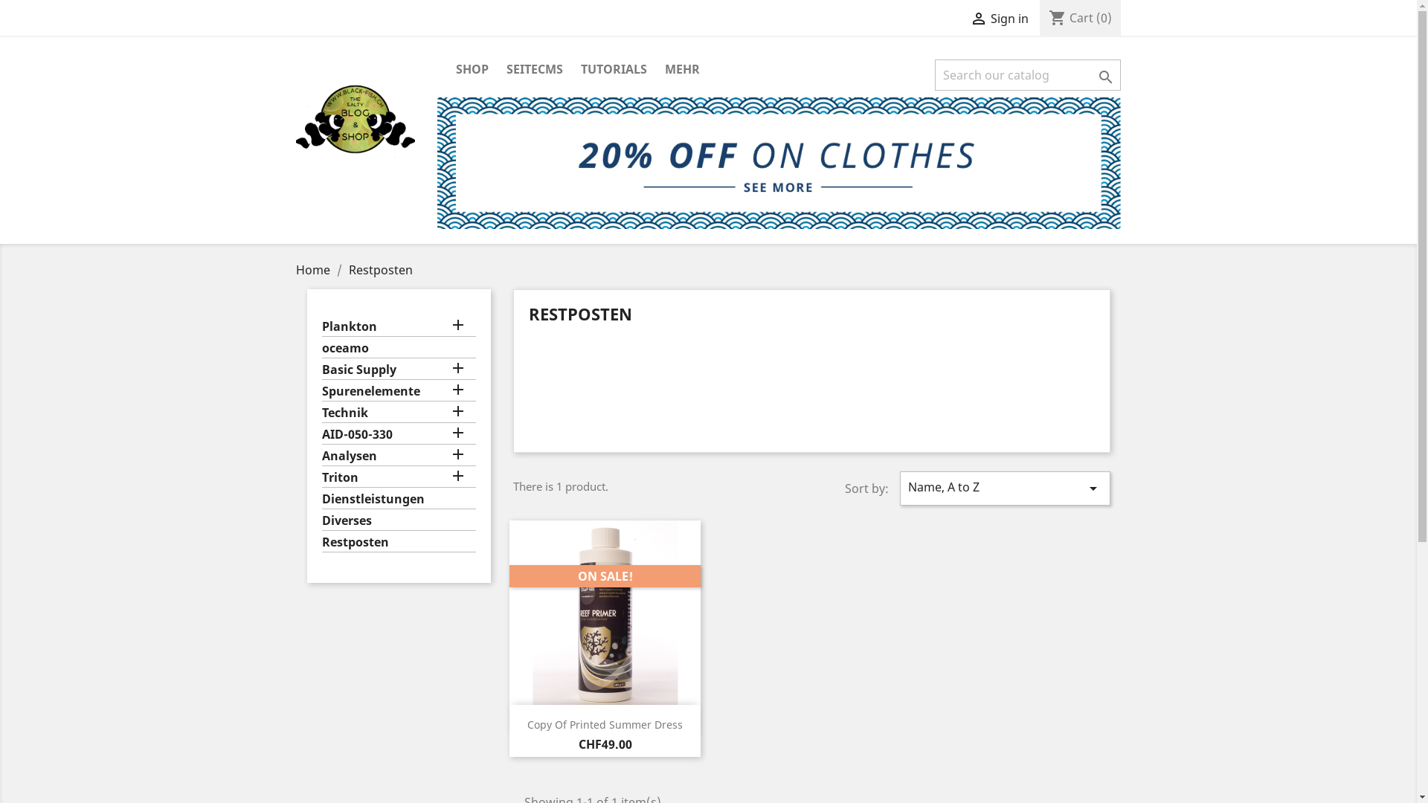 The height and width of the screenshot is (803, 1428). What do you see at coordinates (470, 70) in the screenshot?
I see `'SHOP'` at bounding box center [470, 70].